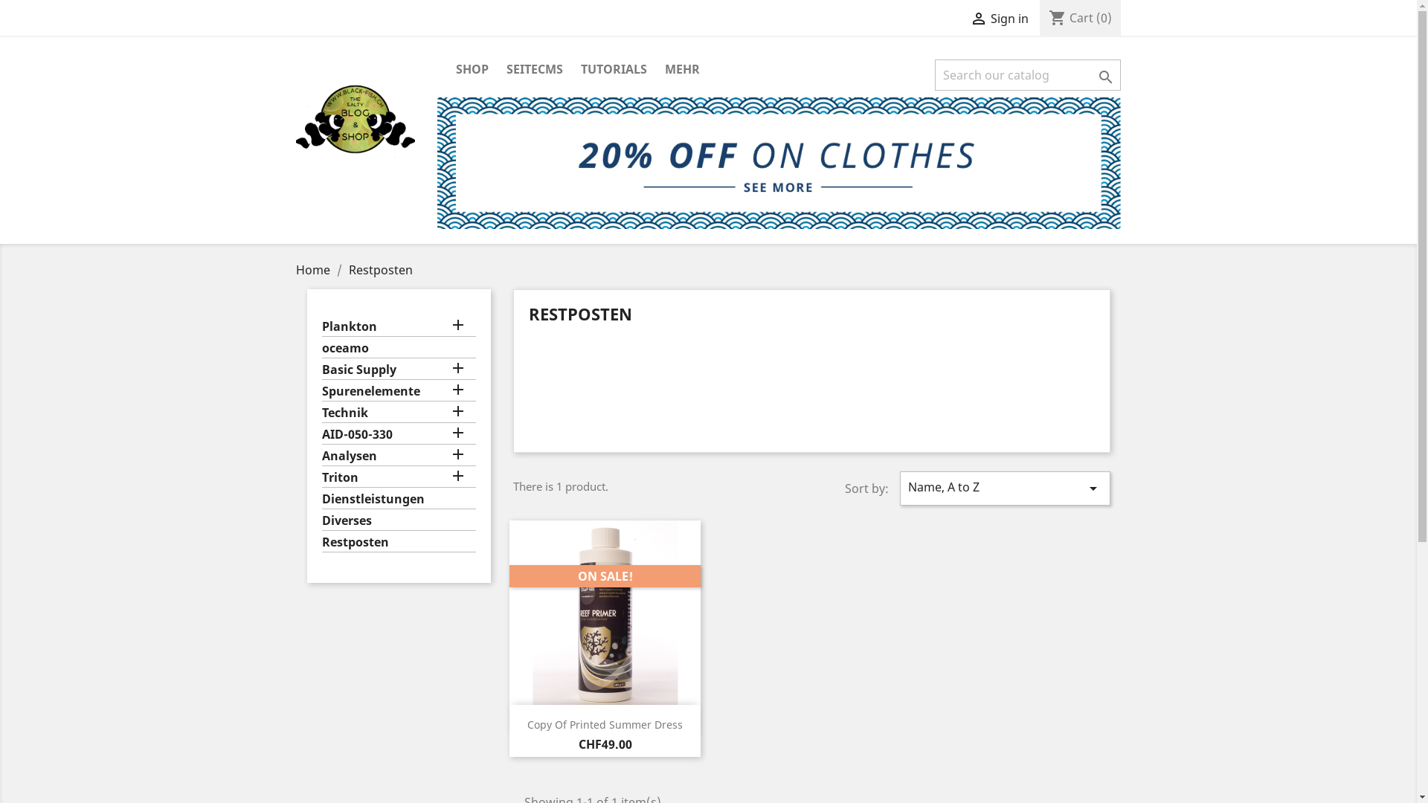 The height and width of the screenshot is (803, 1428). What do you see at coordinates (470, 70) in the screenshot?
I see `'SHOP'` at bounding box center [470, 70].